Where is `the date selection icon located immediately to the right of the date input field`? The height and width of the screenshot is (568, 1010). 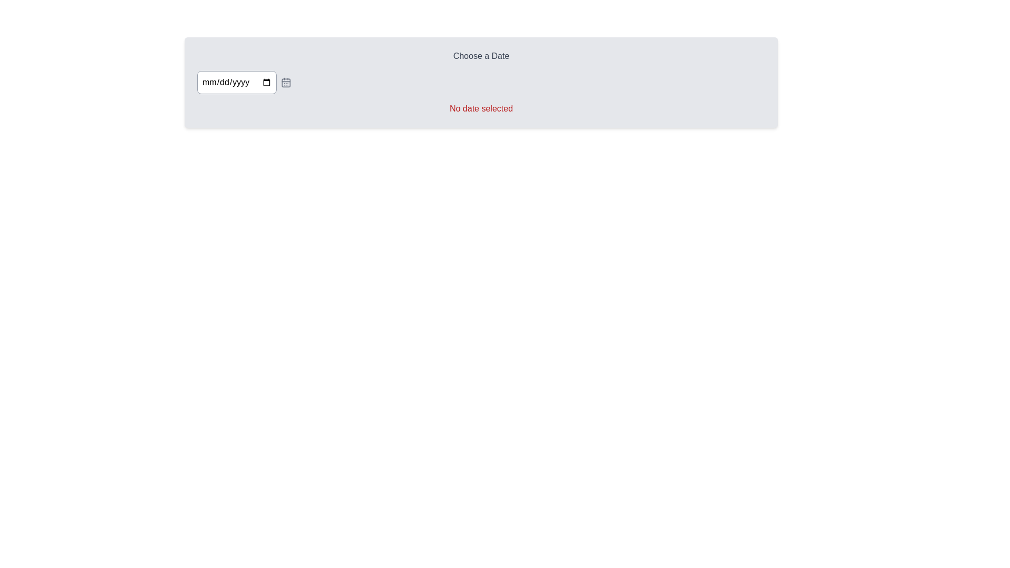
the date selection icon located immediately to the right of the date input field is located at coordinates (286, 82).